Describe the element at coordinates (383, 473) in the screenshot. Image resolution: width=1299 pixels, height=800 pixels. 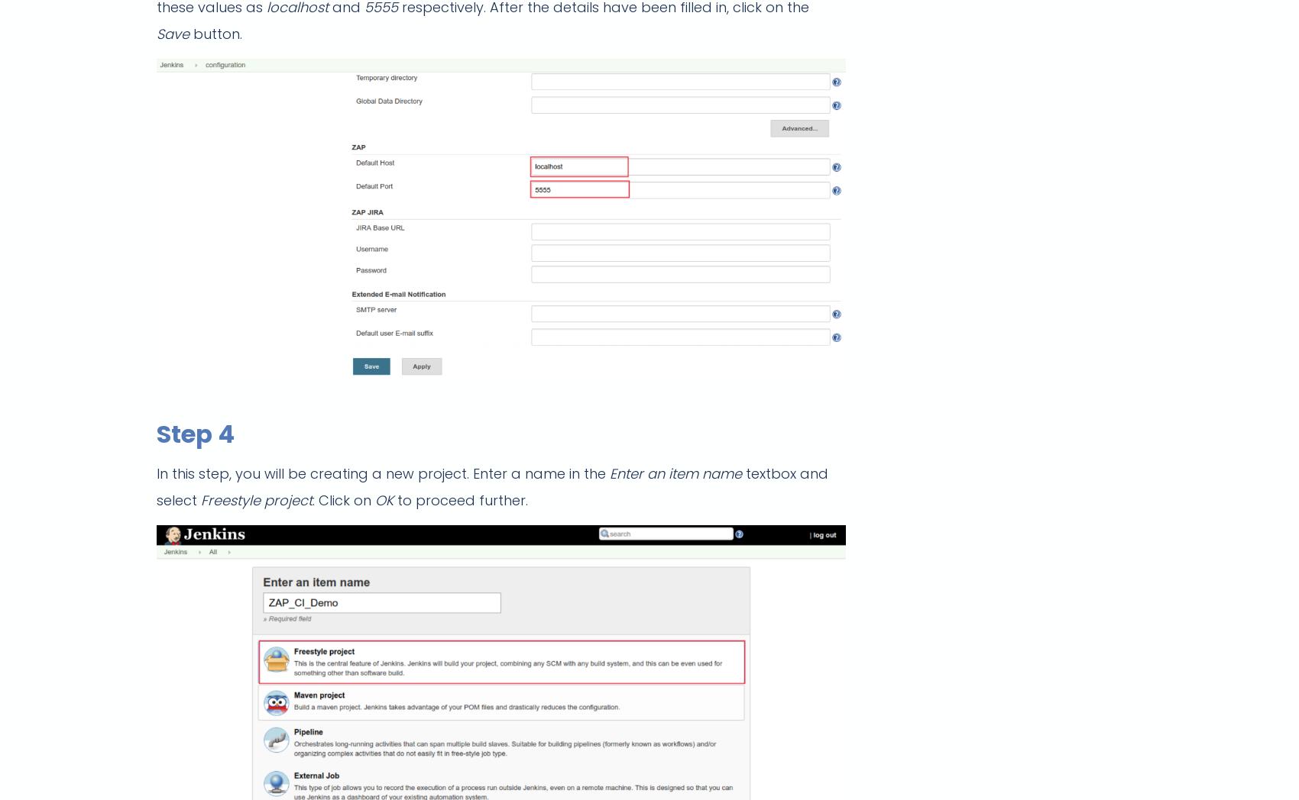
I see `'In this step, you will be creating a new project. Enter a name in the'` at that location.